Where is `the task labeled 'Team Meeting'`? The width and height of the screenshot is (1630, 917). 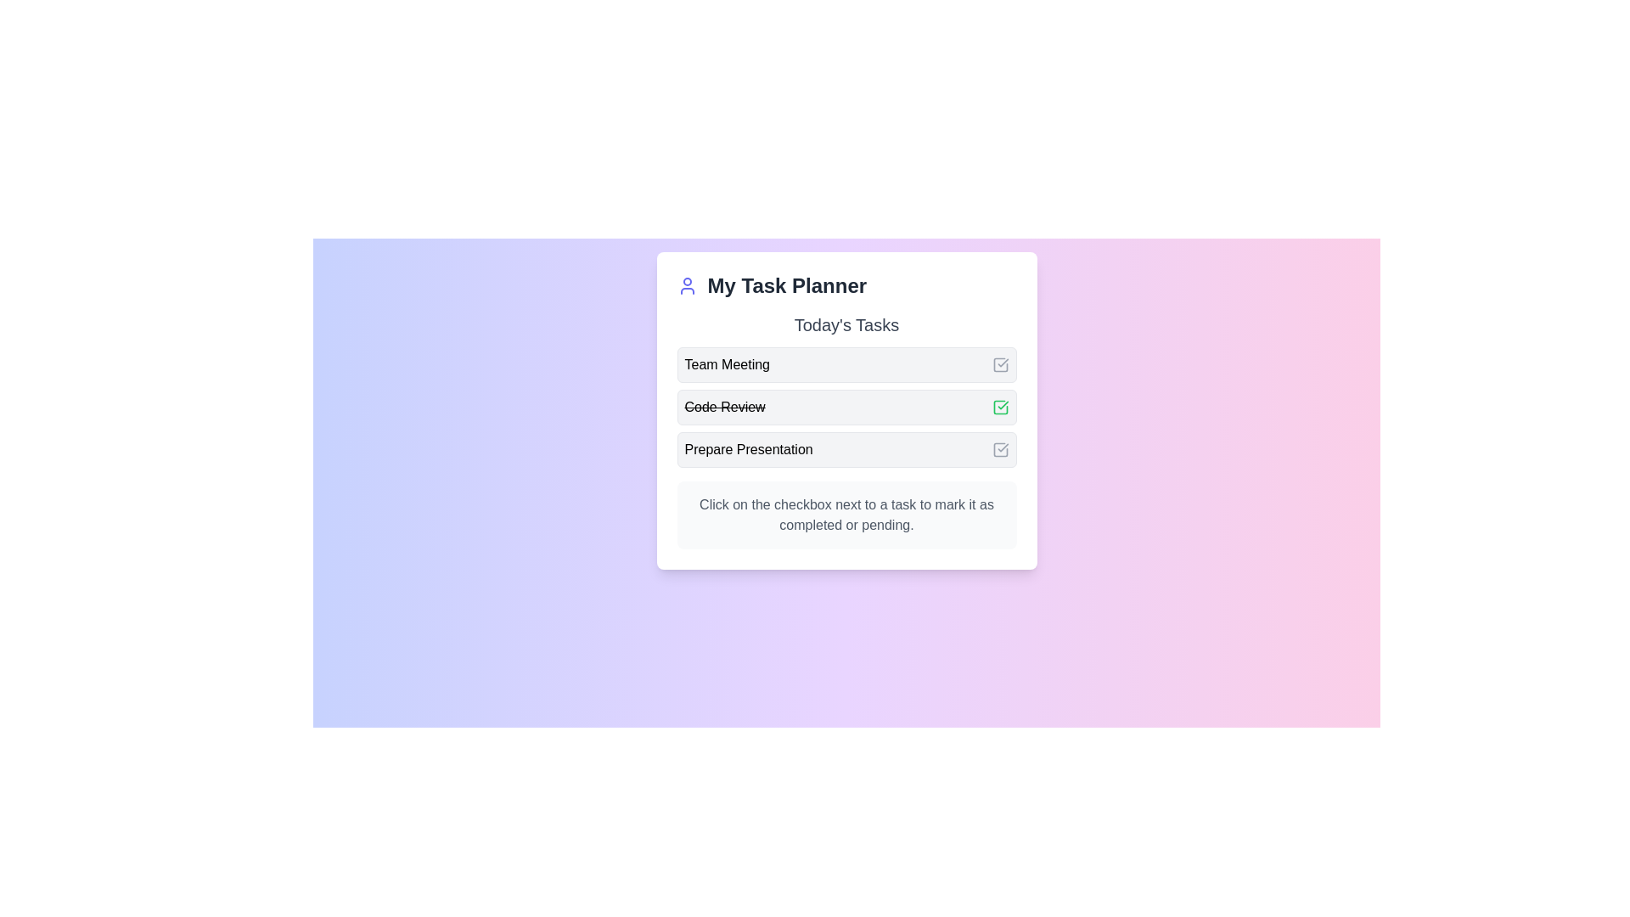
the task labeled 'Team Meeting' is located at coordinates (846, 363).